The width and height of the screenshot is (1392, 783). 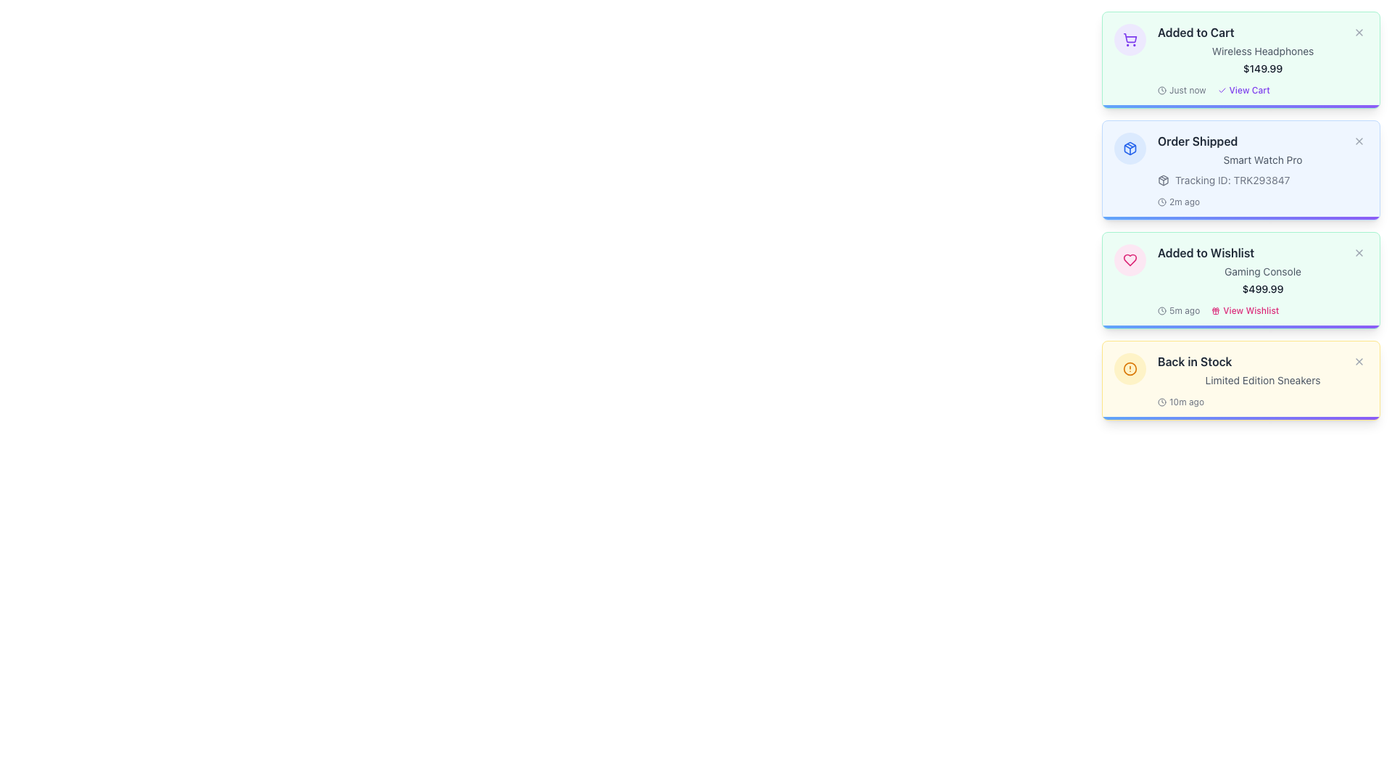 What do you see at coordinates (1359, 360) in the screenshot?
I see `the close button located at the top-right corner of the 'Back in Stock' notification` at bounding box center [1359, 360].